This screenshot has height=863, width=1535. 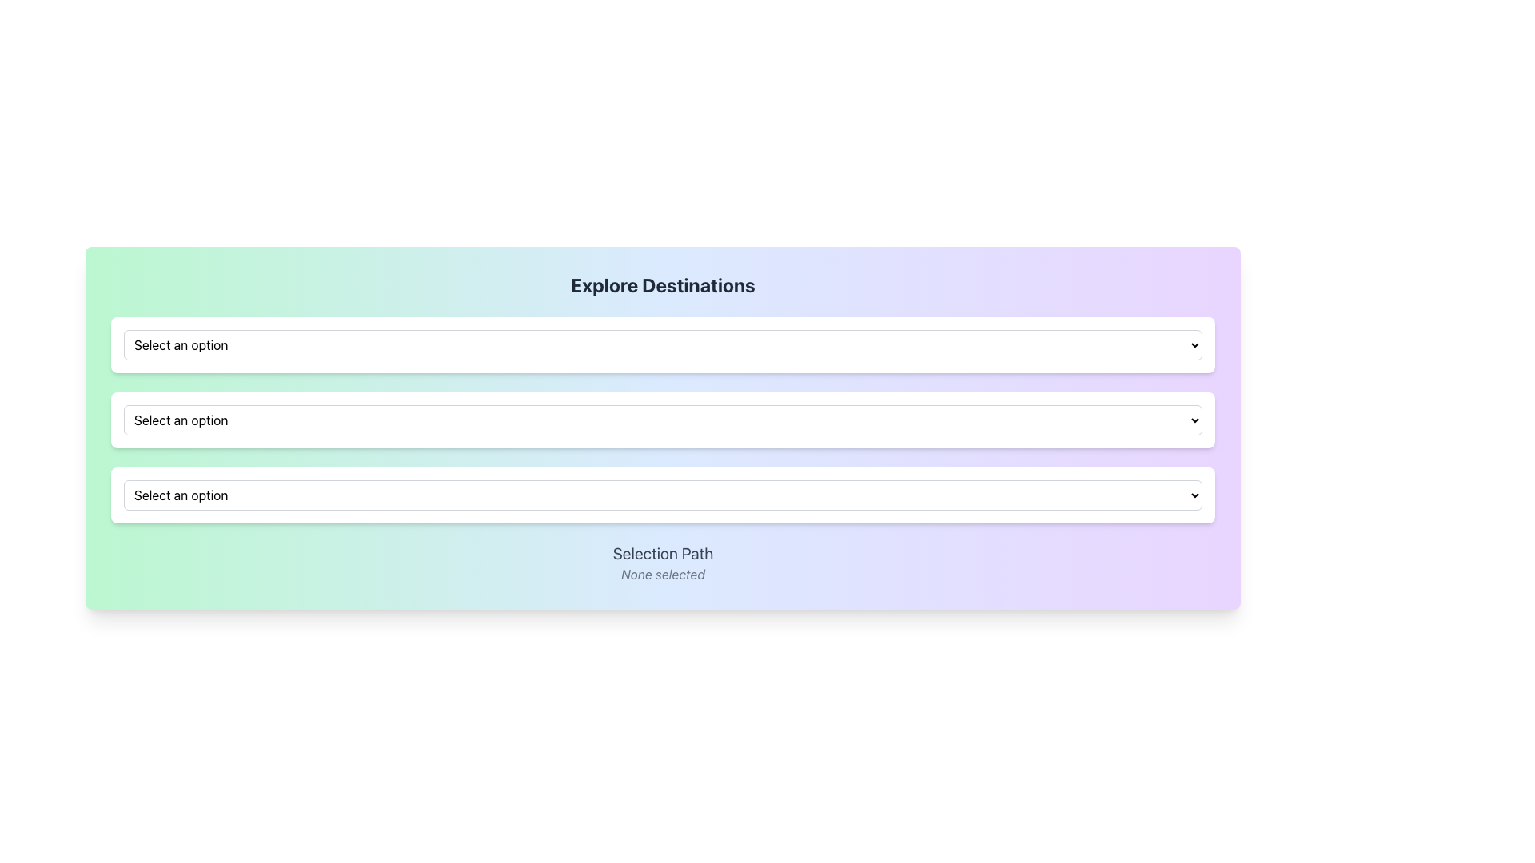 What do you see at coordinates (663, 344) in the screenshot?
I see `an option from the first dropdown menu located under the 'Explore Destinations' heading within the gradient background card` at bounding box center [663, 344].